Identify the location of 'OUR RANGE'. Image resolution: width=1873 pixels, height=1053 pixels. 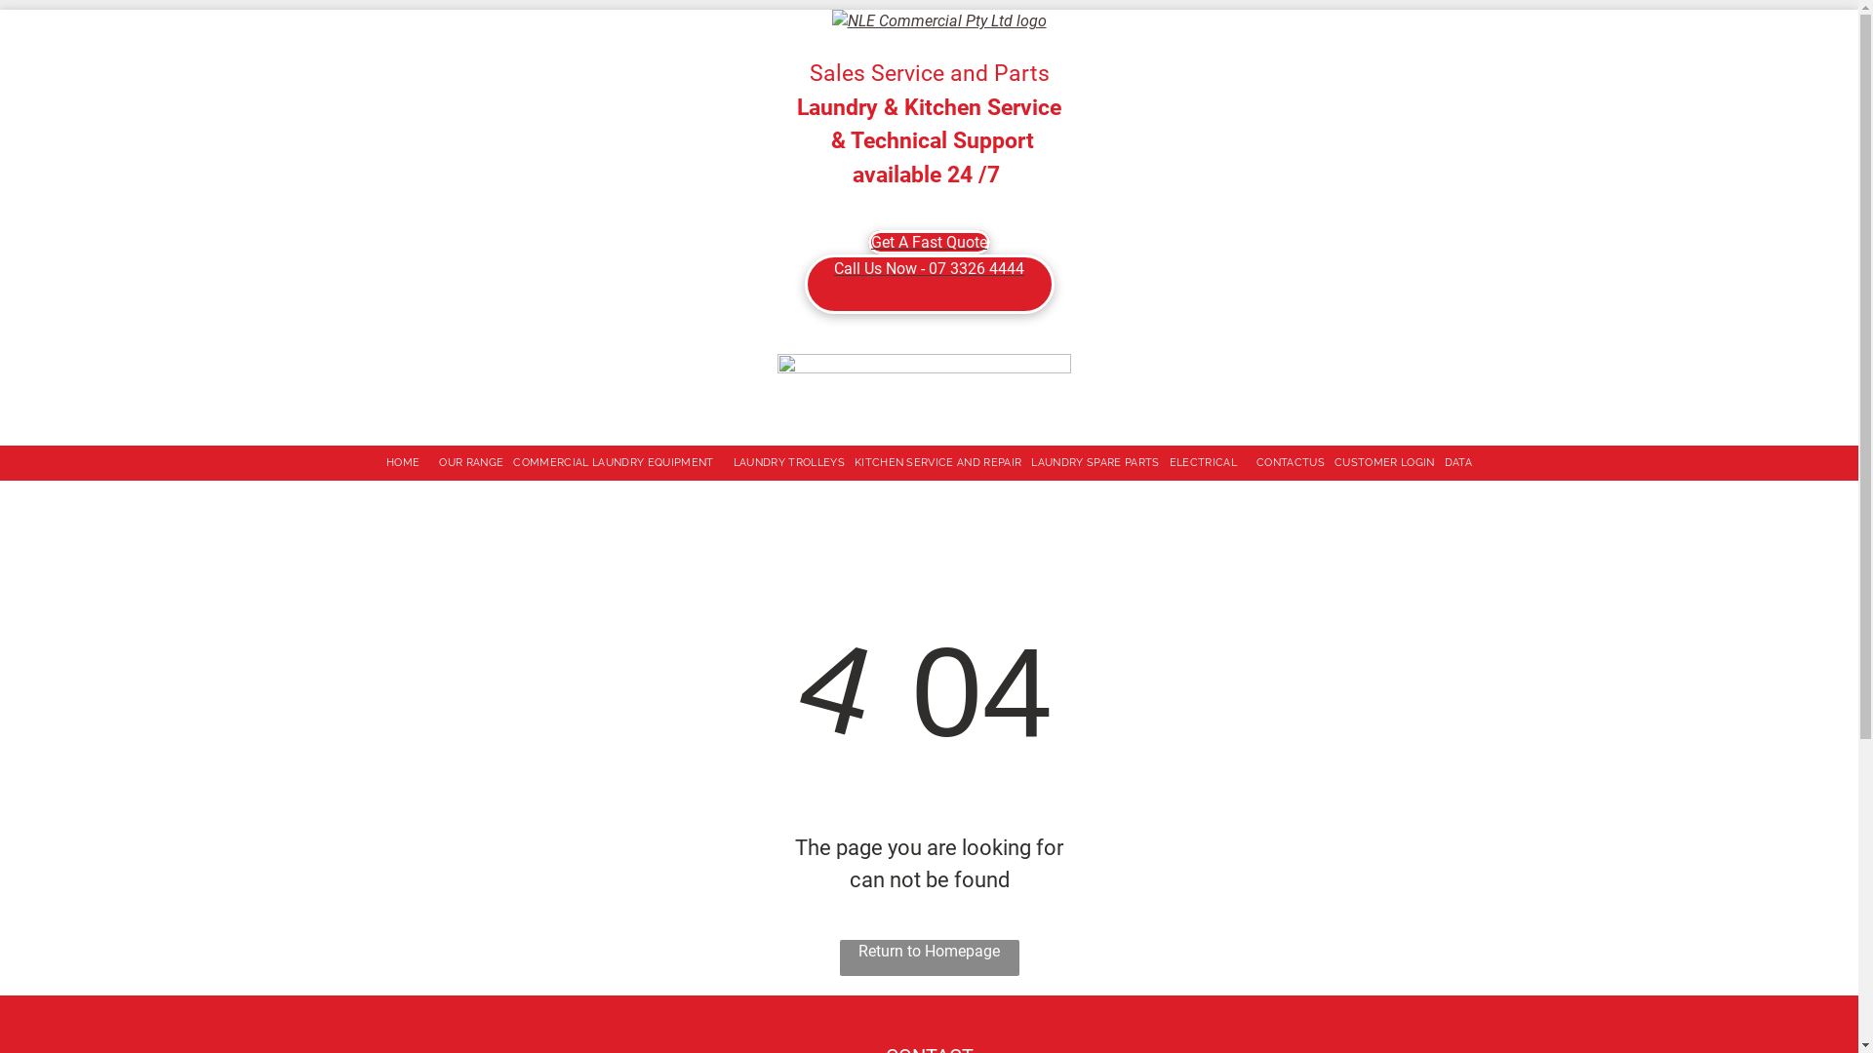
(471, 463).